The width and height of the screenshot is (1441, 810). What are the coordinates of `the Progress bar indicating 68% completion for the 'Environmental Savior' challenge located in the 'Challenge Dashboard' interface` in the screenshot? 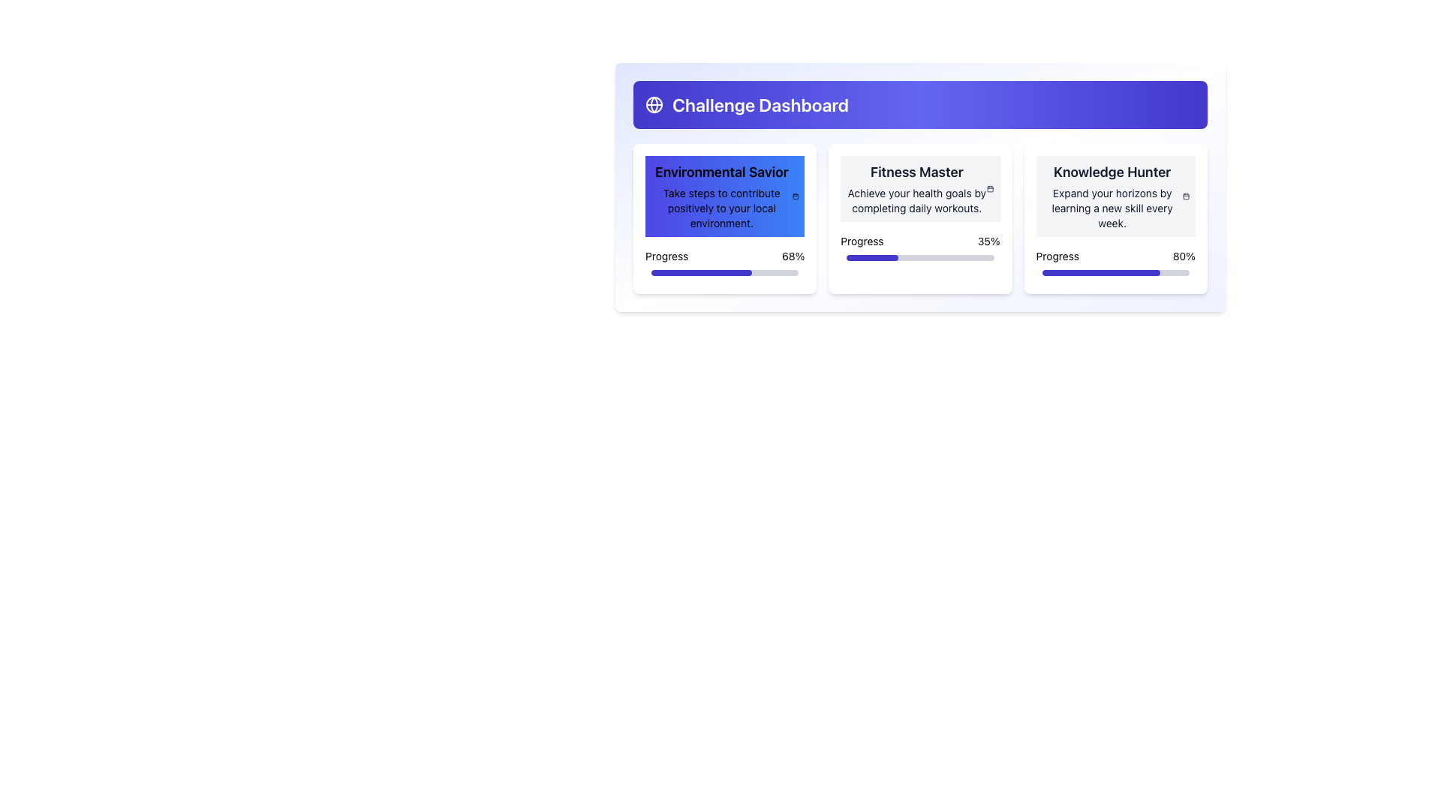 It's located at (700, 272).